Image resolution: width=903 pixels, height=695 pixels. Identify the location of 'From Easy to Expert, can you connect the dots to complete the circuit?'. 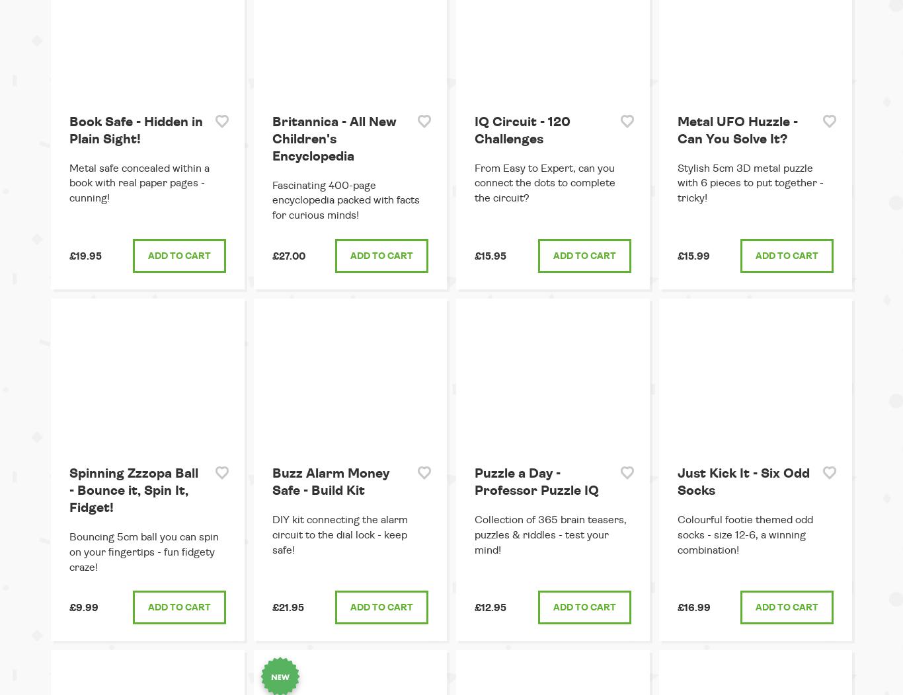
(544, 182).